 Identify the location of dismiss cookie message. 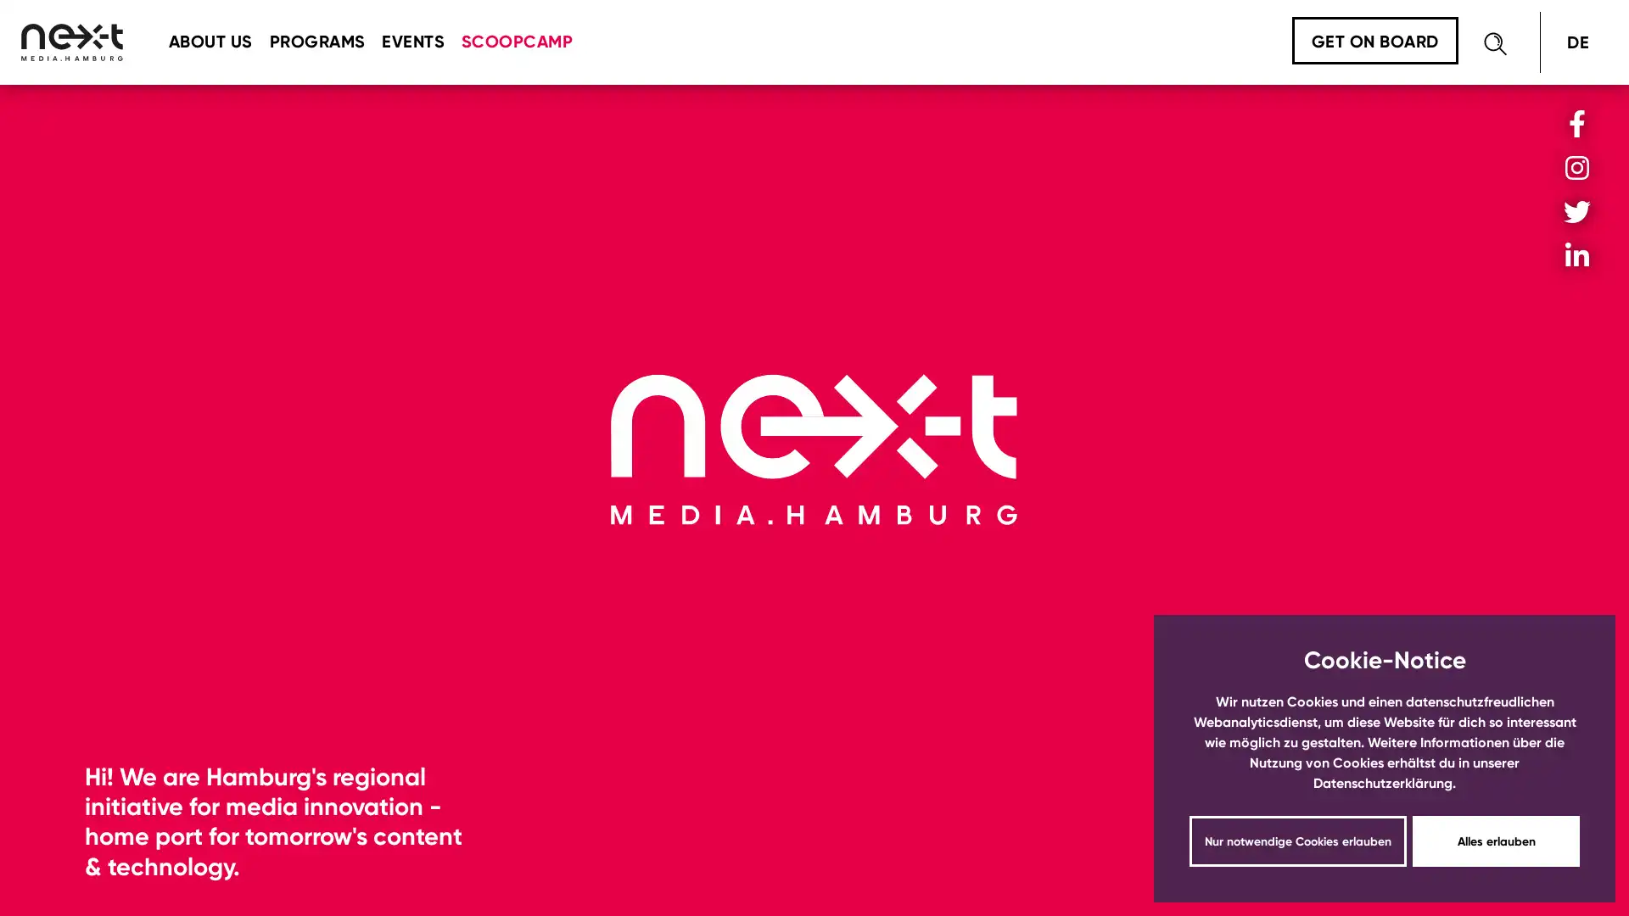
(1496, 841).